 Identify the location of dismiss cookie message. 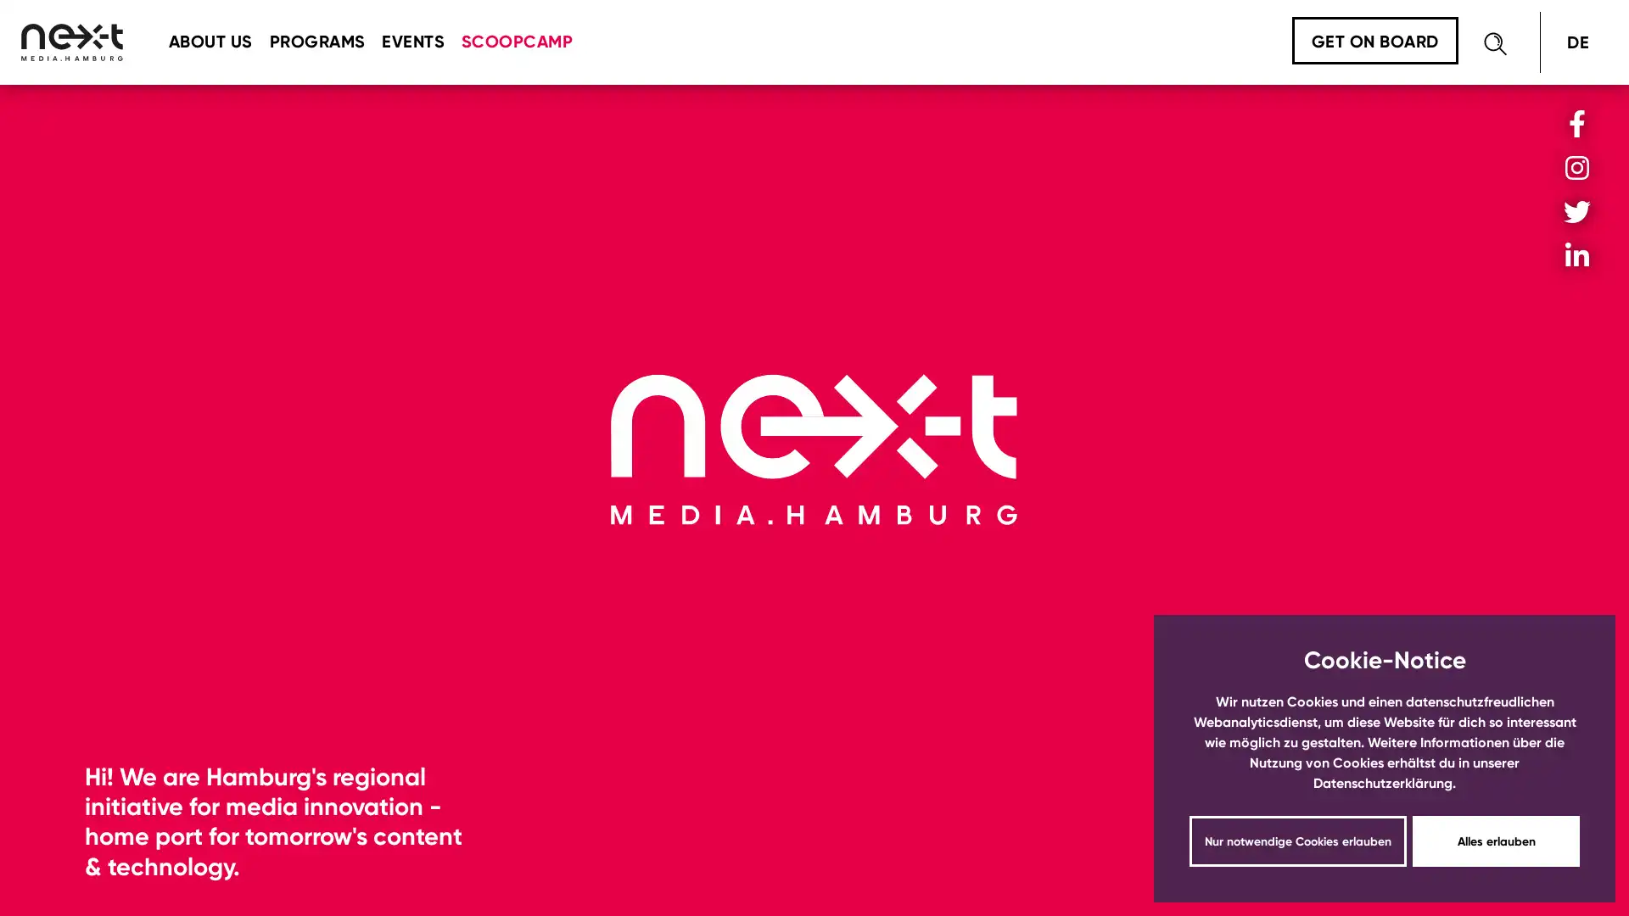
(1496, 841).